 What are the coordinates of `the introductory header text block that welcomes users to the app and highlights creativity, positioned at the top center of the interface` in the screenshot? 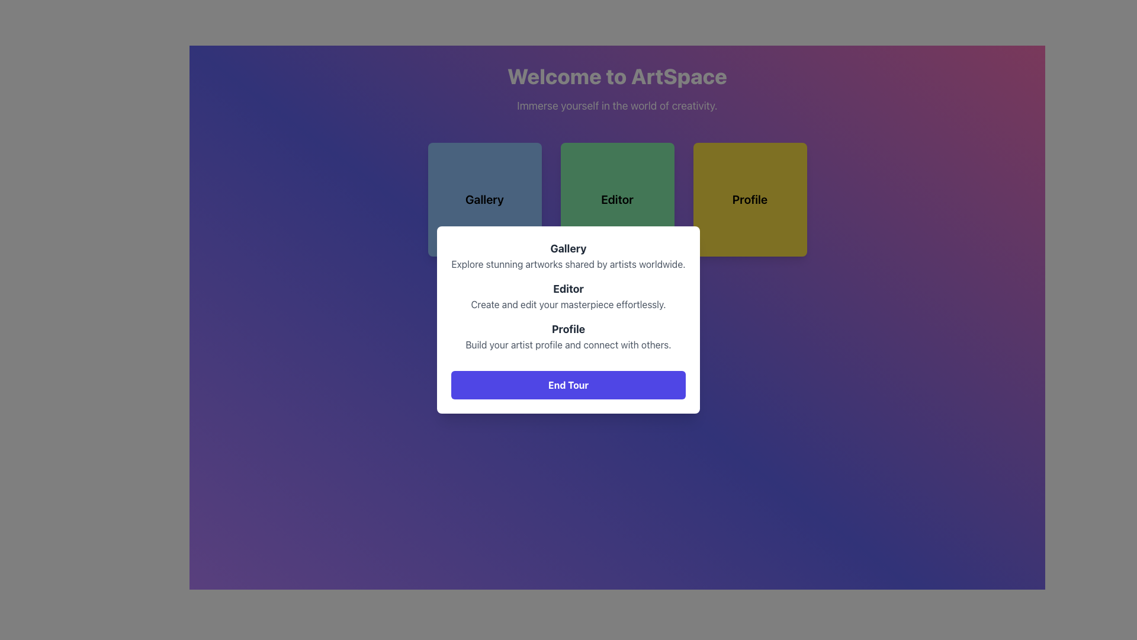 It's located at (616, 88).